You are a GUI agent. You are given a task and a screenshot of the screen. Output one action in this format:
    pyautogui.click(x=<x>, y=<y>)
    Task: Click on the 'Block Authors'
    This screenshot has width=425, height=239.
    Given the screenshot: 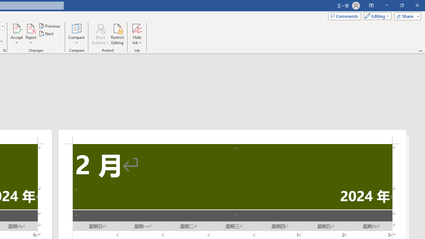 What is the action you would take?
    pyautogui.click(x=100, y=28)
    